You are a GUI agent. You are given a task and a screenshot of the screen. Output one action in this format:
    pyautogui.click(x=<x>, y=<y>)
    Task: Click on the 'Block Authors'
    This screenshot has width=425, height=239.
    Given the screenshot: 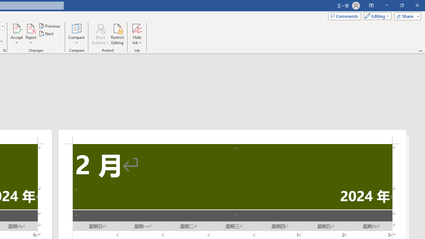 What is the action you would take?
    pyautogui.click(x=100, y=28)
    